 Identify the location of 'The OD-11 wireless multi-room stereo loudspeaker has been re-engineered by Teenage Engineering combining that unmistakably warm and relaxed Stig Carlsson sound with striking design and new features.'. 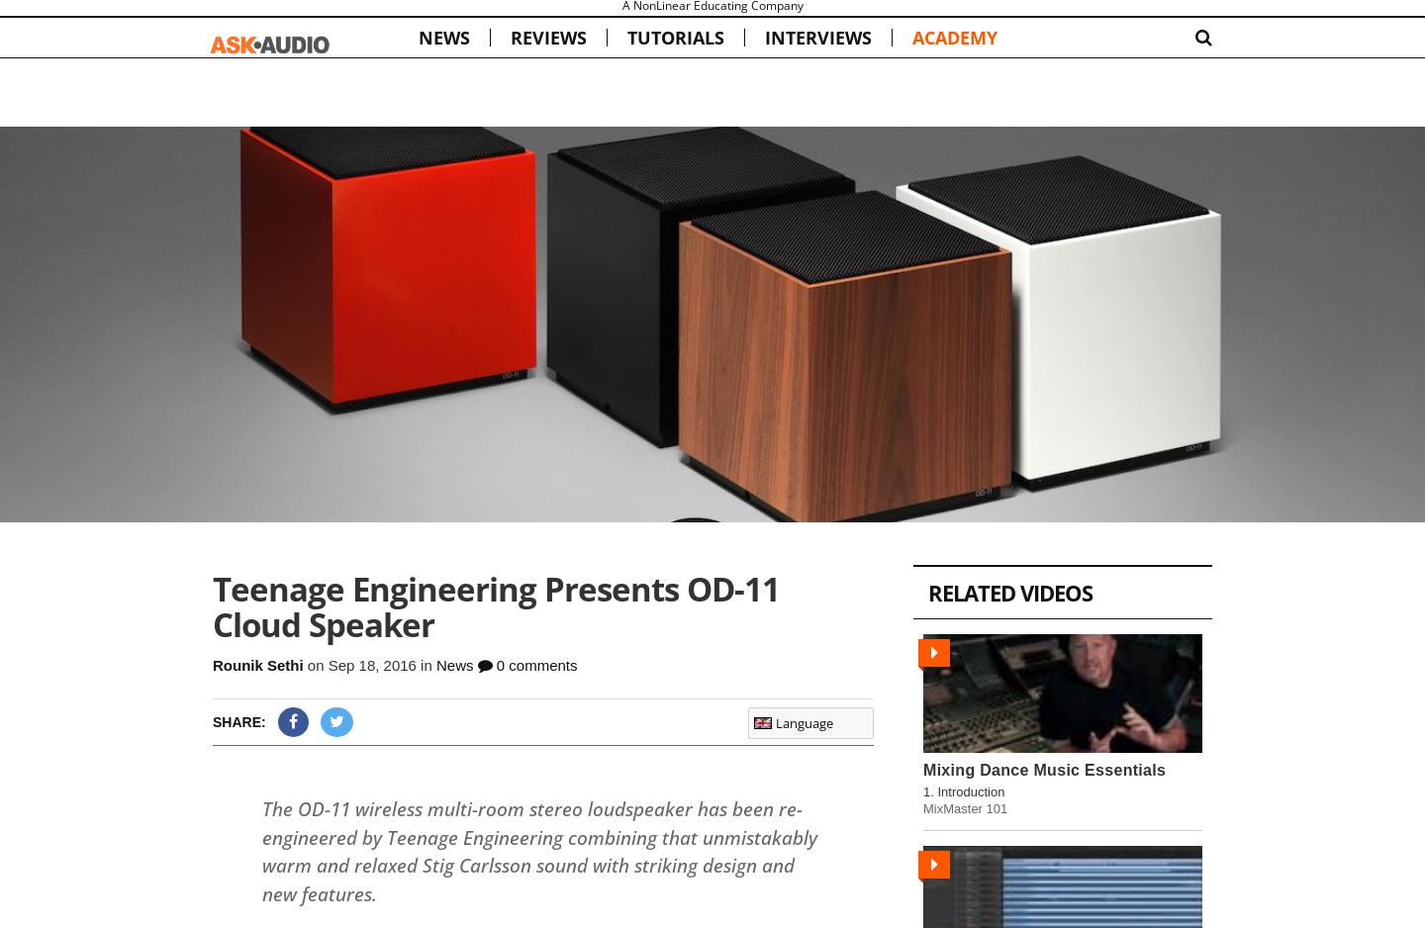
(539, 850).